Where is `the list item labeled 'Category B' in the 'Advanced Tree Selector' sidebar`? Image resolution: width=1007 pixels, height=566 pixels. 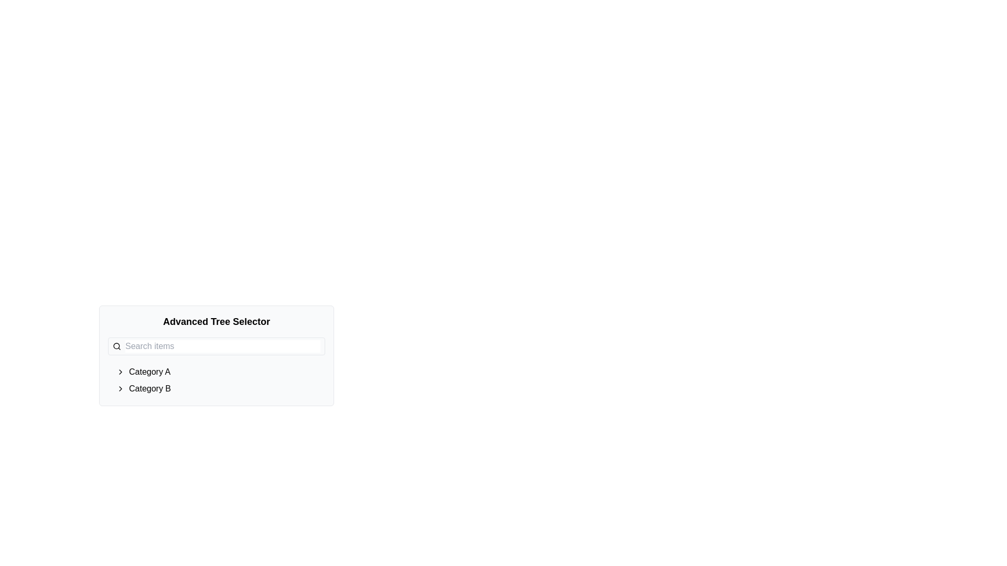 the list item labeled 'Category B' in the 'Advanced Tree Selector' sidebar is located at coordinates (220, 388).